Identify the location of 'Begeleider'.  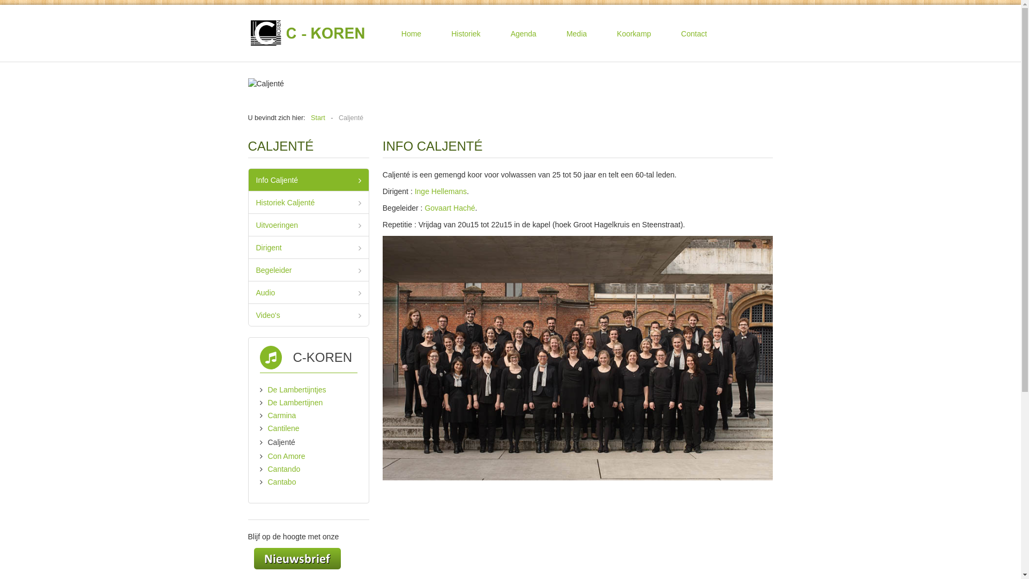
(248, 269).